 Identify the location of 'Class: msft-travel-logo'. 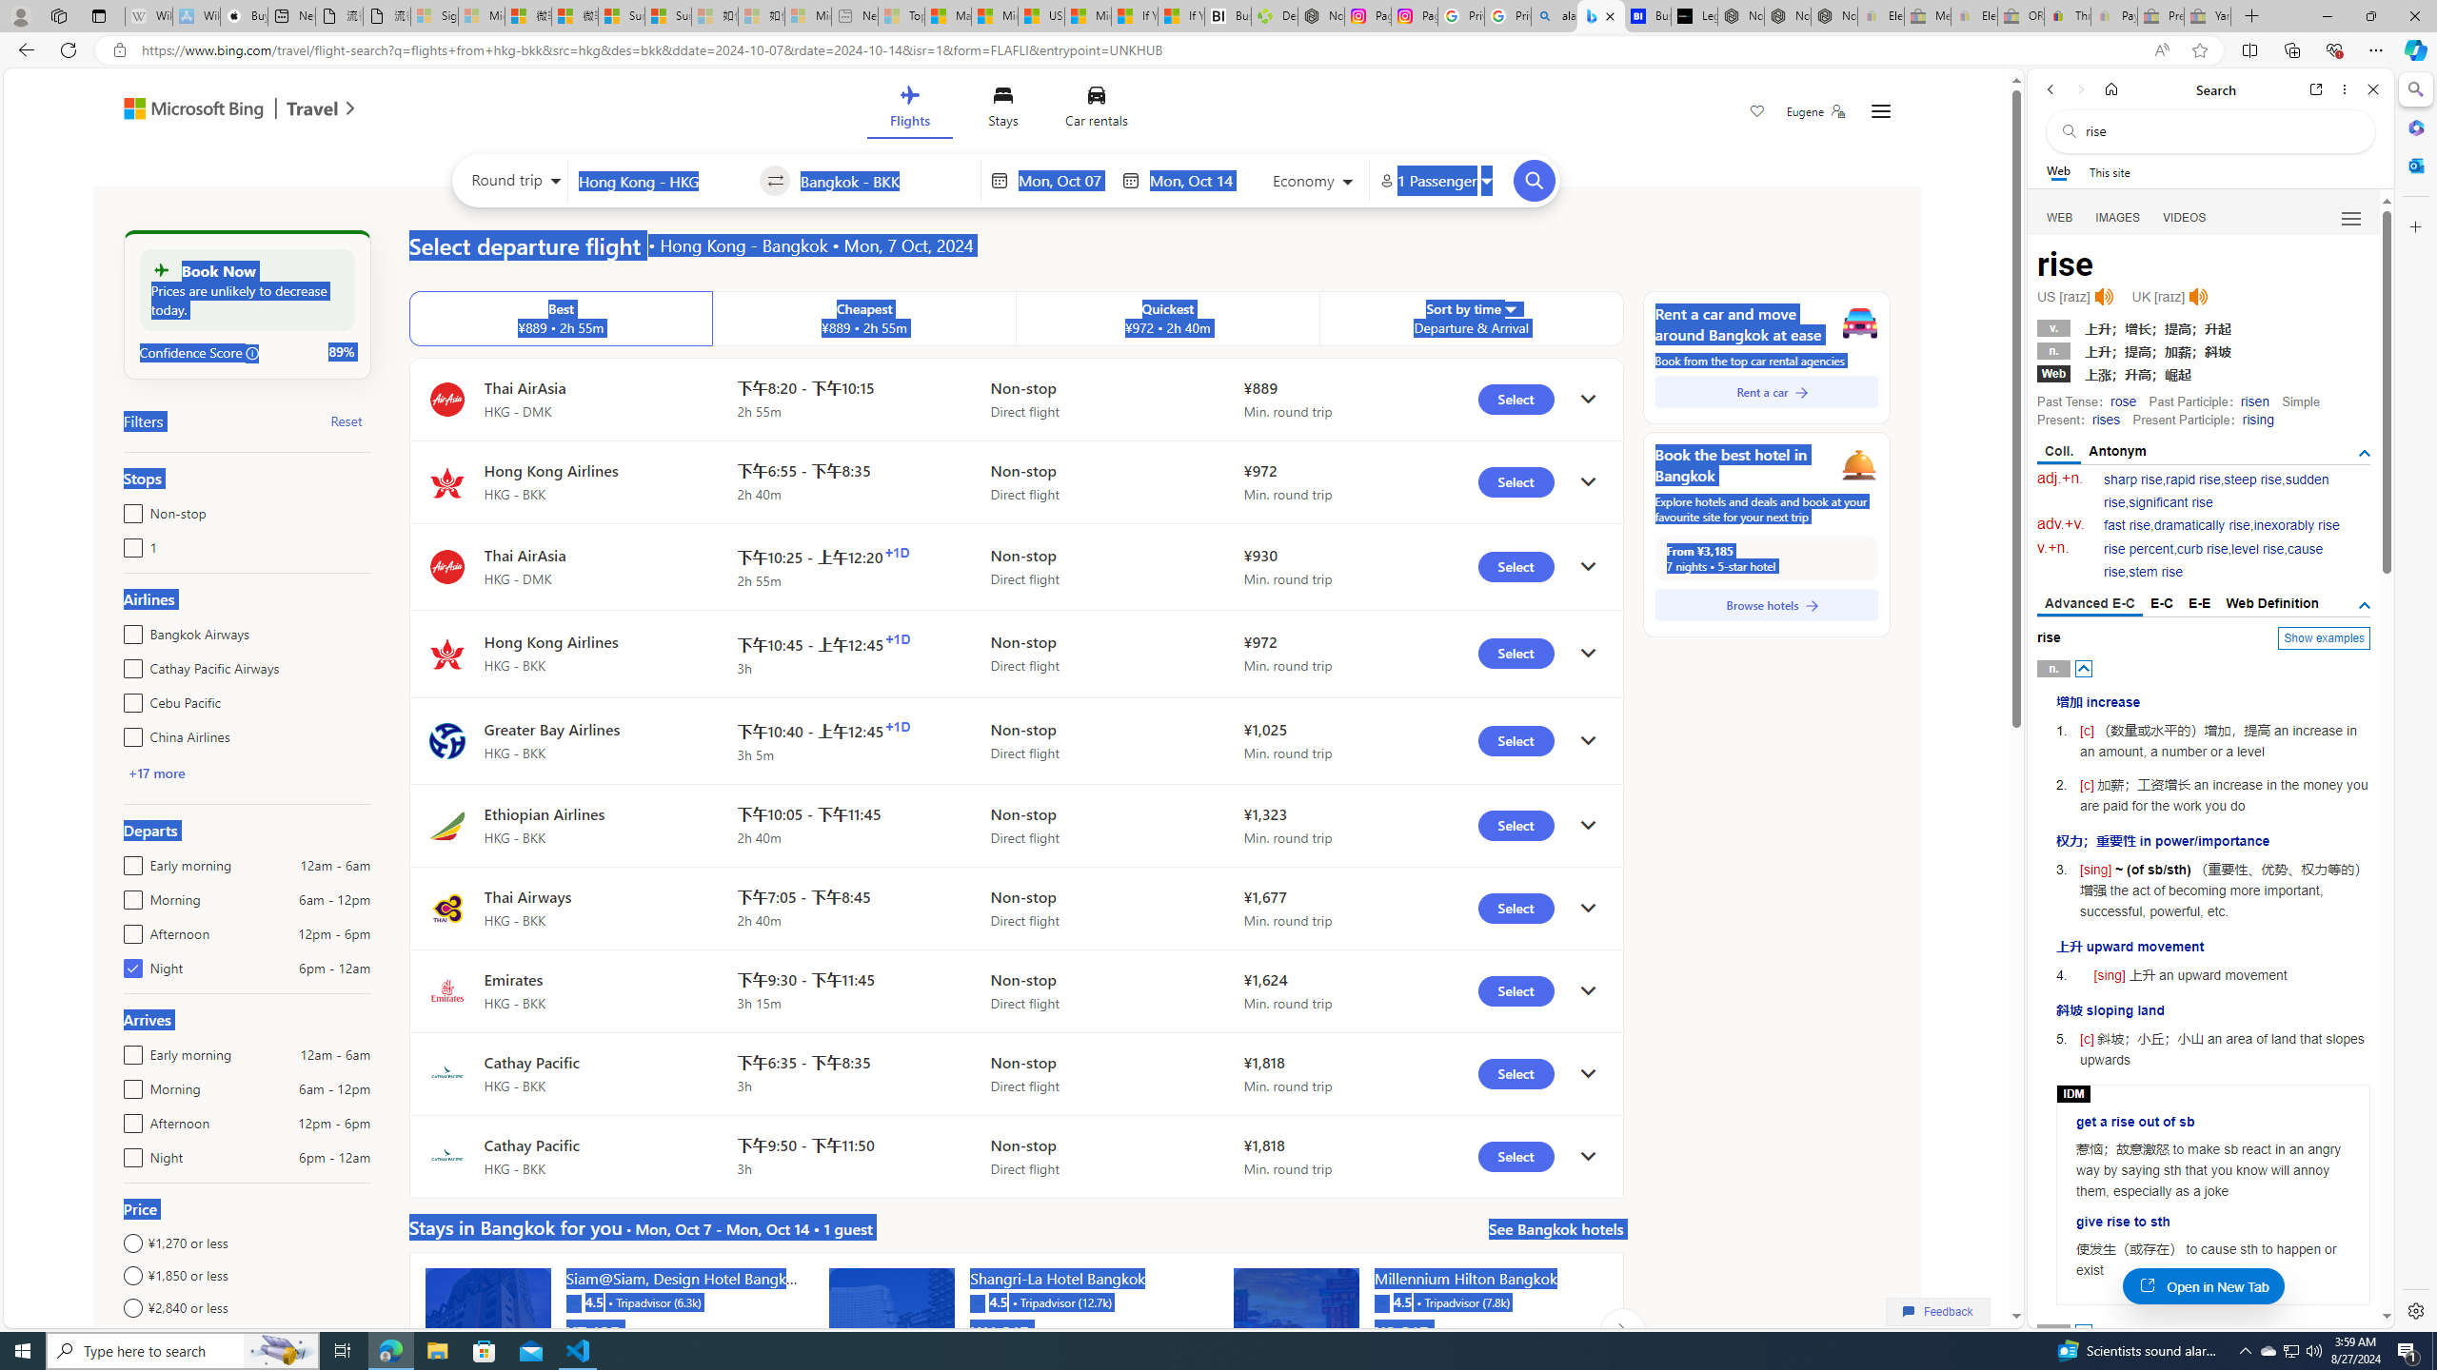
(311, 108).